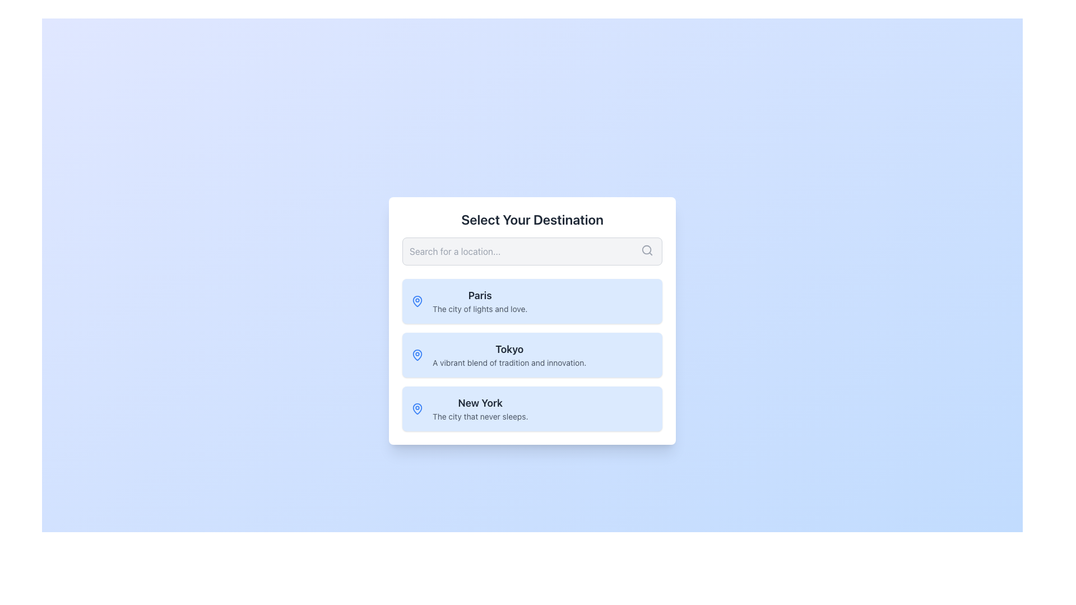 The width and height of the screenshot is (1076, 605). Describe the element at coordinates (480, 295) in the screenshot. I see `the bold, large-sized text label displaying the word 'Paris' which is the title of the section under 'Select Your Destination'` at that location.